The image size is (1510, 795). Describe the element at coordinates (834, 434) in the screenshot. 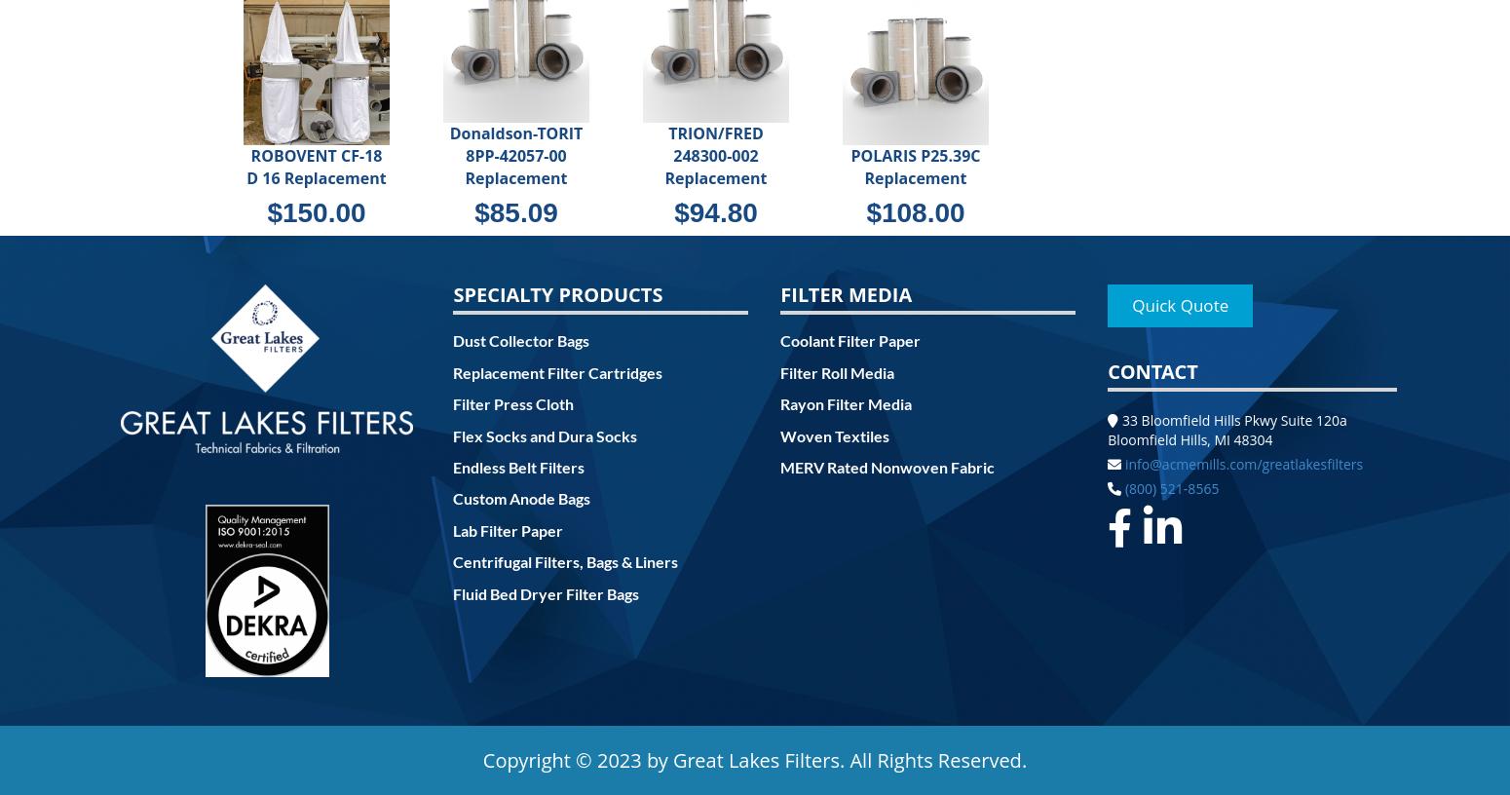

I see `'Woven Textiles'` at that location.